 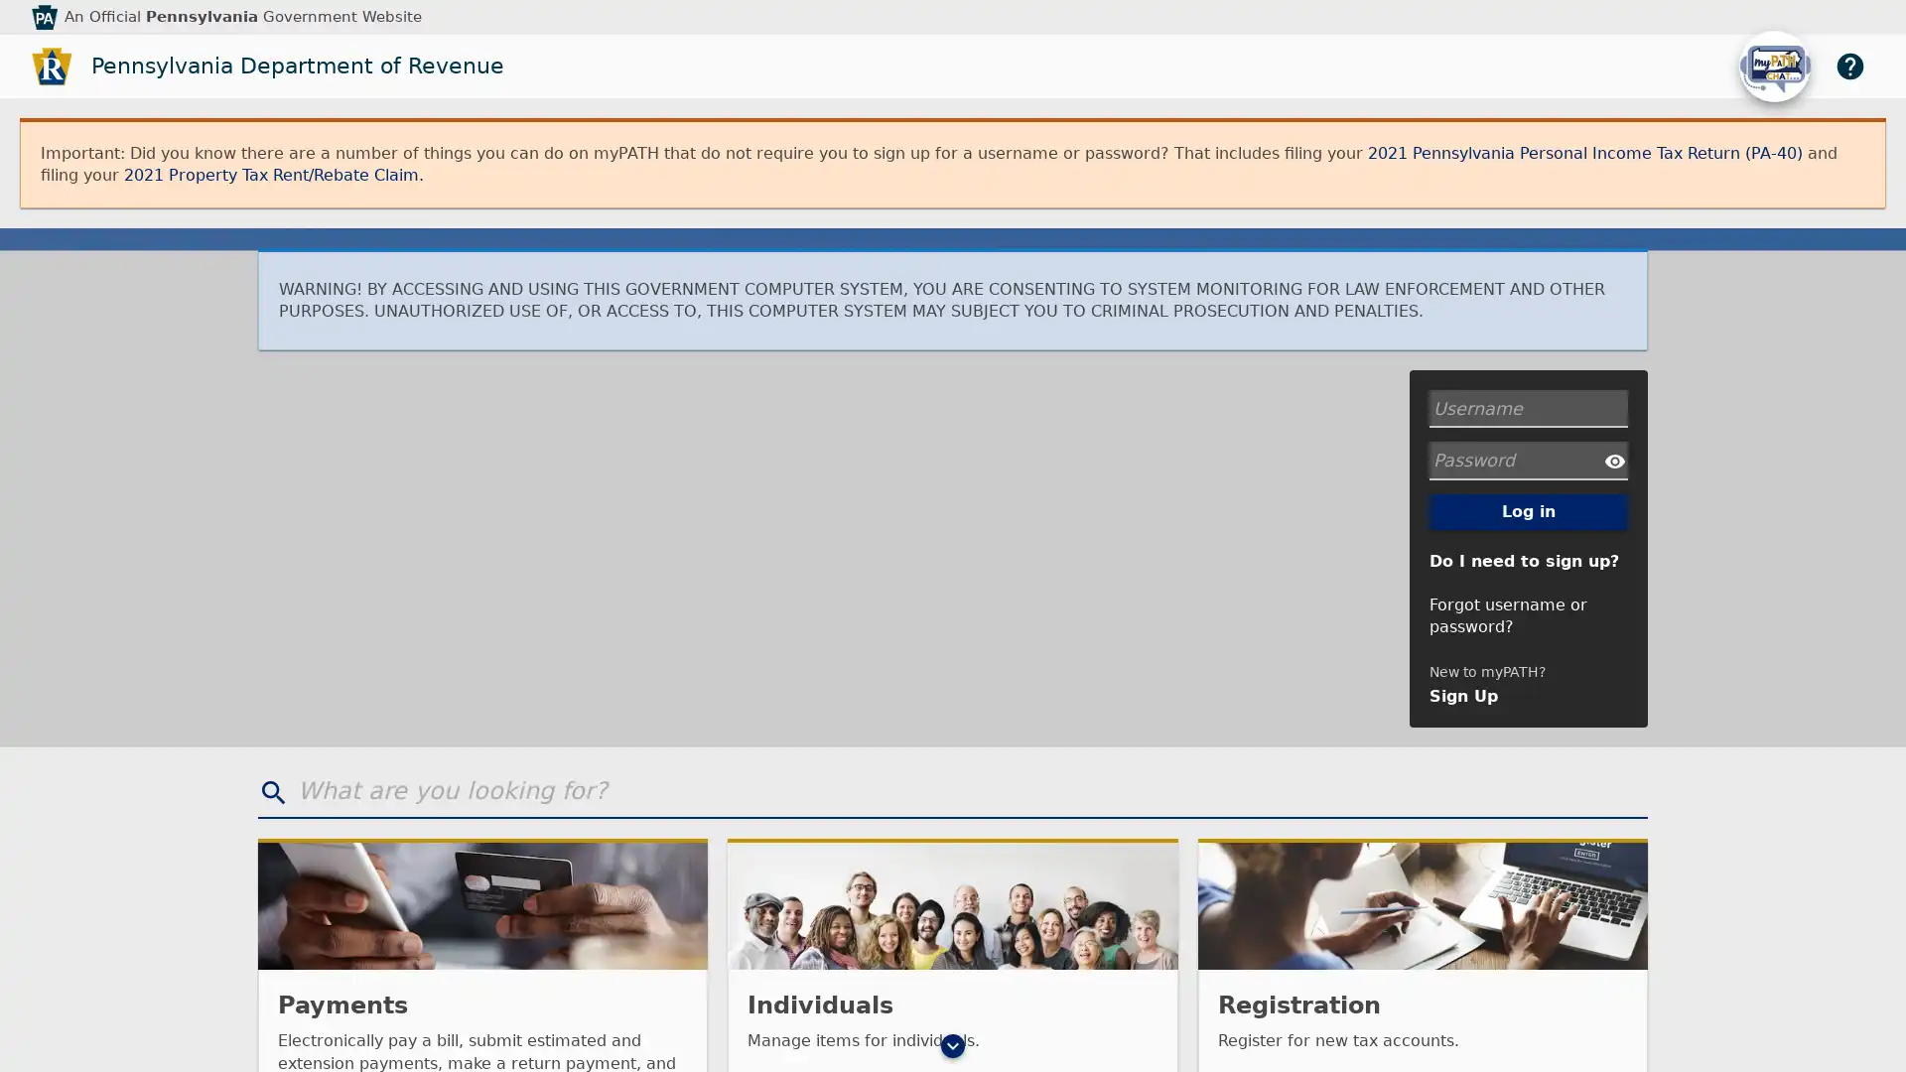 What do you see at coordinates (1528, 510) in the screenshot?
I see `Log in` at bounding box center [1528, 510].